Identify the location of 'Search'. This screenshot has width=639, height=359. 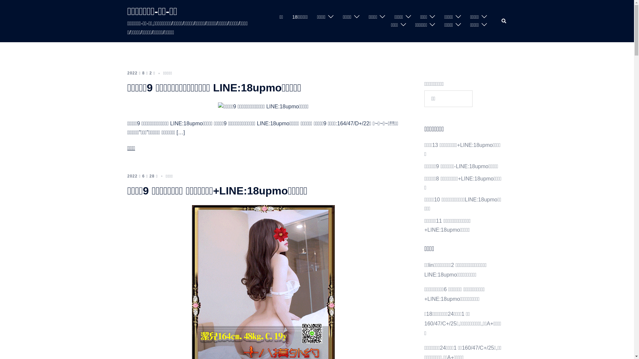
(504, 20).